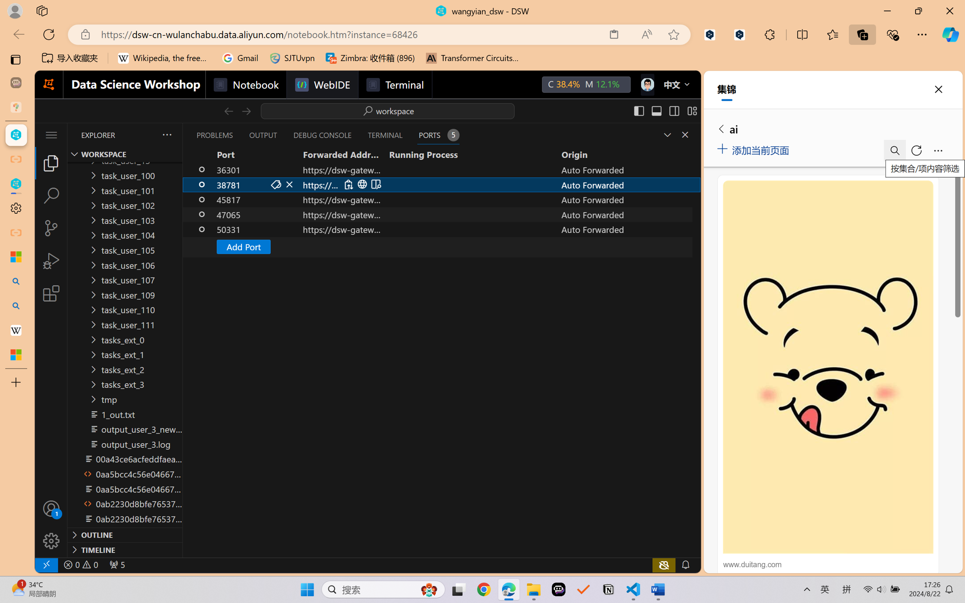  I want to click on 'Copy Local Address (Ctrl+C)', so click(348, 184).